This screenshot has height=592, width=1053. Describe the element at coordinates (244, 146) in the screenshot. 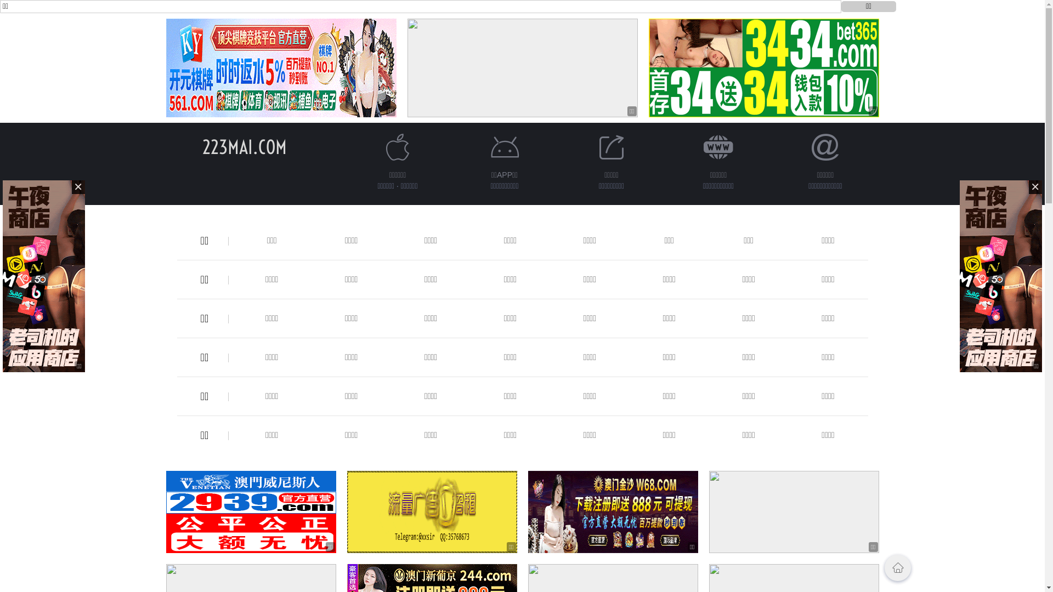

I see `'223MAI.COM'` at that location.